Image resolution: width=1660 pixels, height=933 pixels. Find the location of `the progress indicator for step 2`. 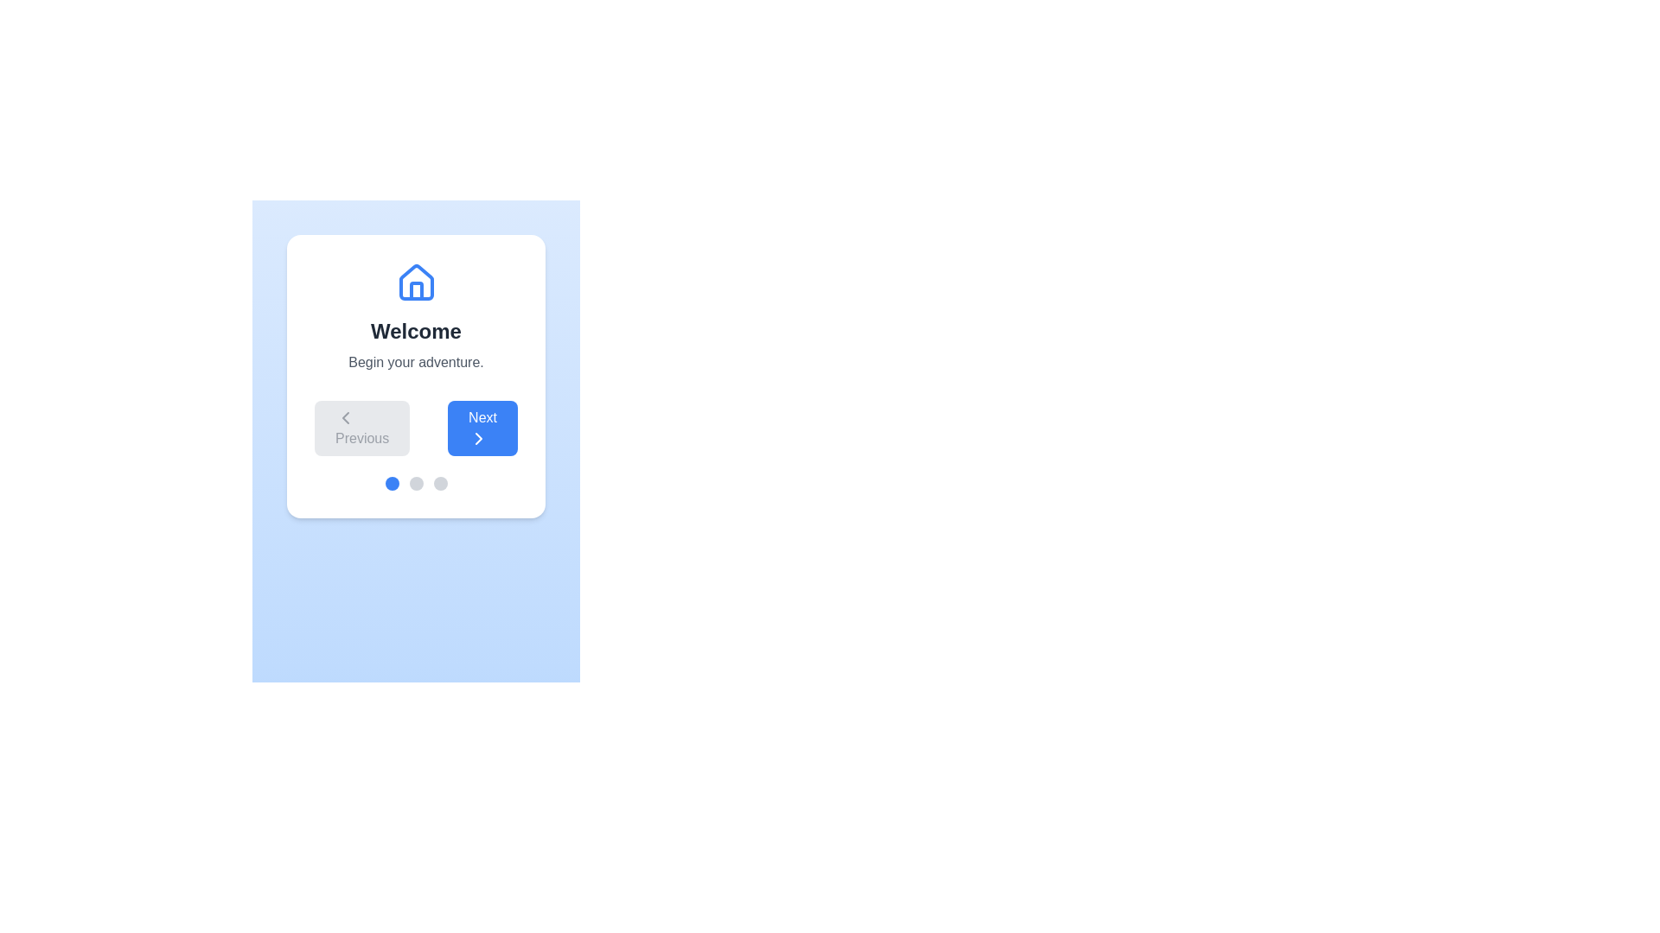

the progress indicator for step 2 is located at coordinates (416, 483).